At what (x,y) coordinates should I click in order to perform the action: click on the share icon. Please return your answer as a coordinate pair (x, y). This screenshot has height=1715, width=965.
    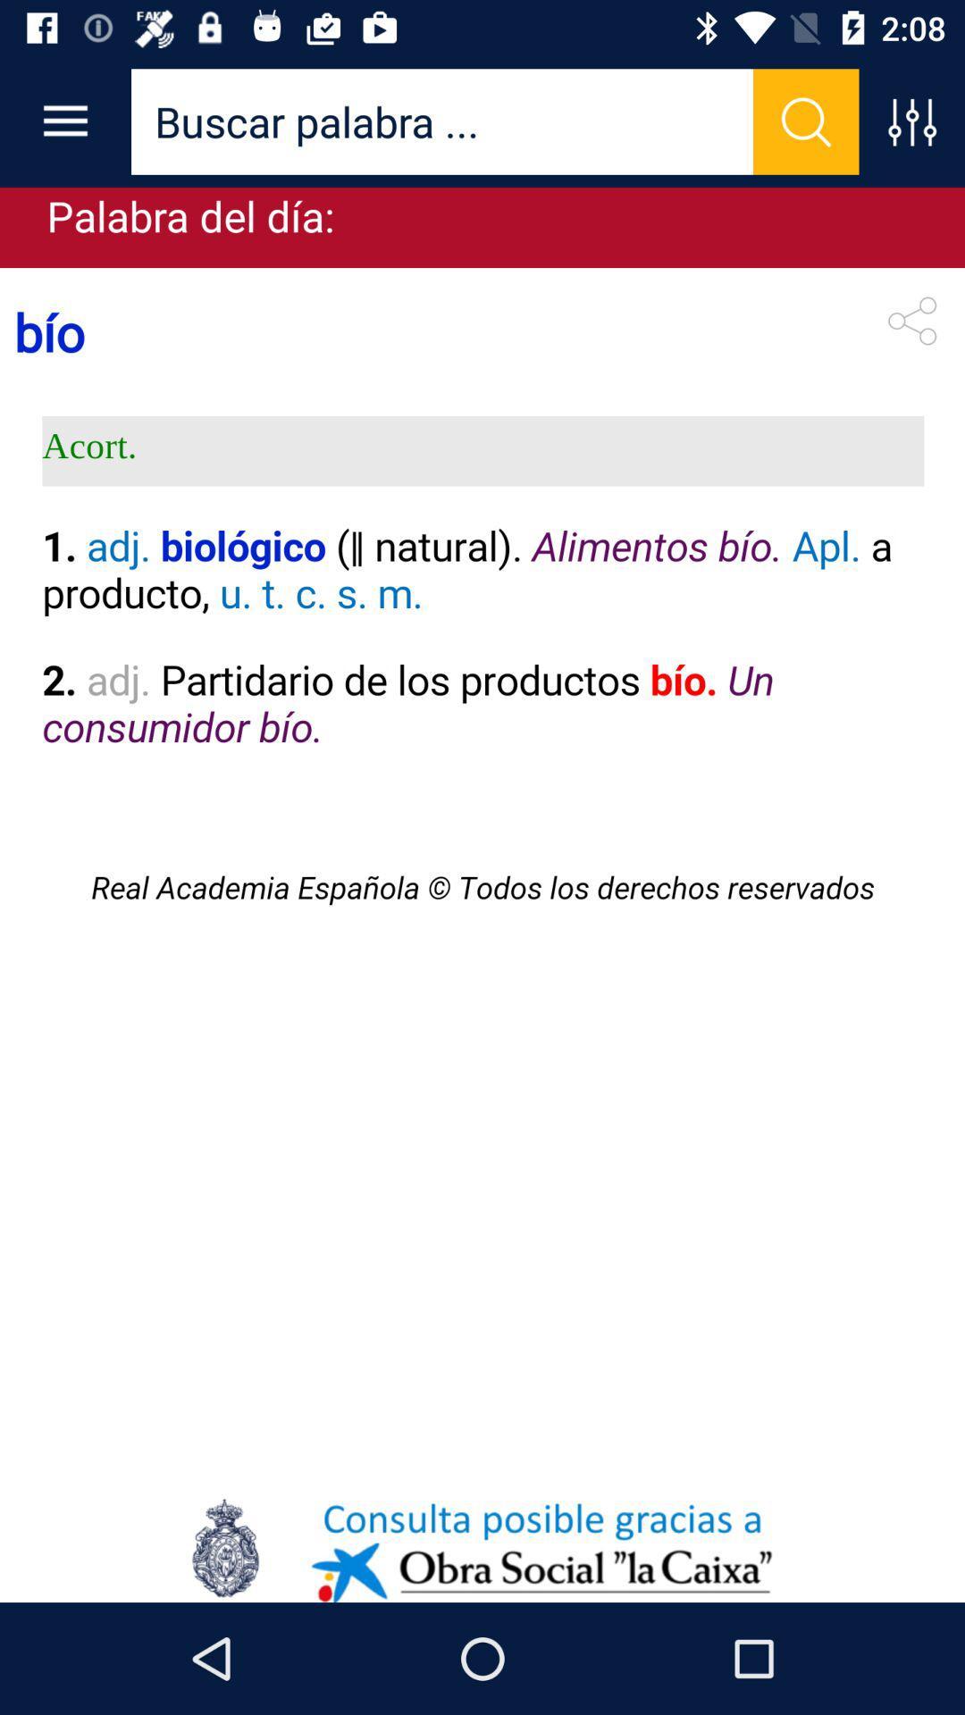
    Looking at the image, I should click on (911, 321).